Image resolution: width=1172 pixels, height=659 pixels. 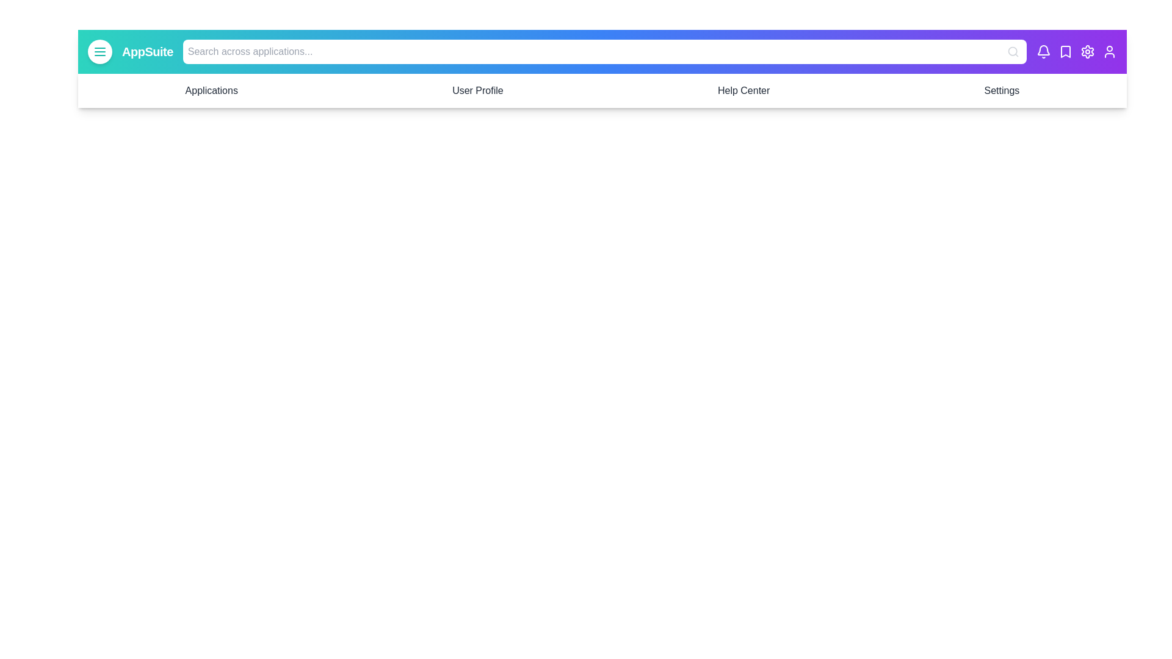 I want to click on the Help Center navigation menu item to navigate, so click(x=743, y=90).